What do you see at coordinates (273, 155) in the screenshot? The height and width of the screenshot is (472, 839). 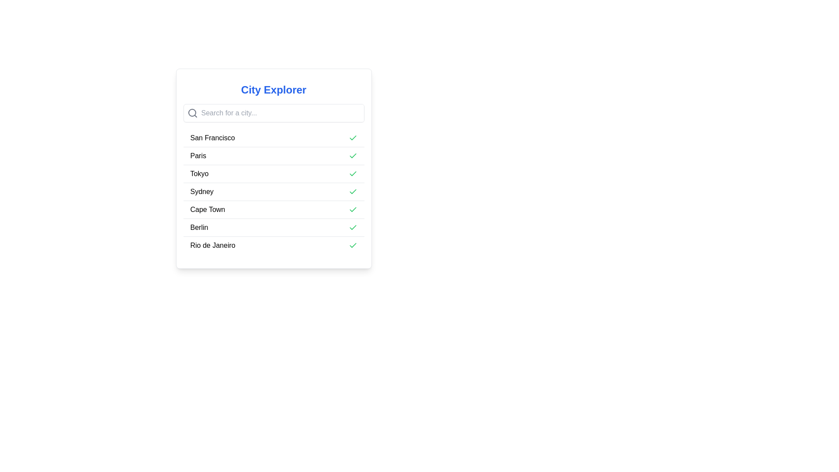 I see `the already selected city option in the list, which is the second item indicating it has a green check mark` at bounding box center [273, 155].